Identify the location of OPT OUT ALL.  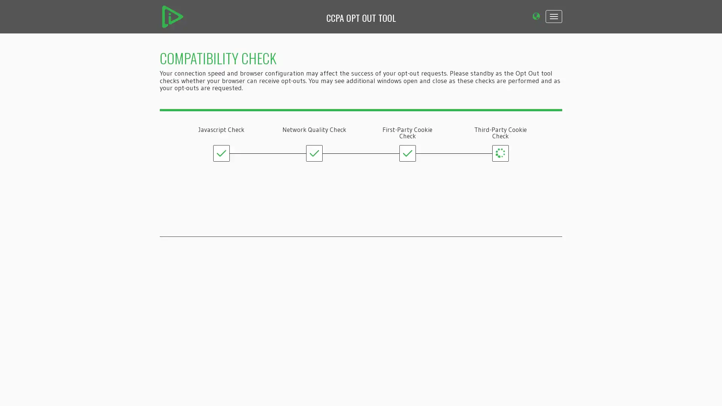
(370, 382).